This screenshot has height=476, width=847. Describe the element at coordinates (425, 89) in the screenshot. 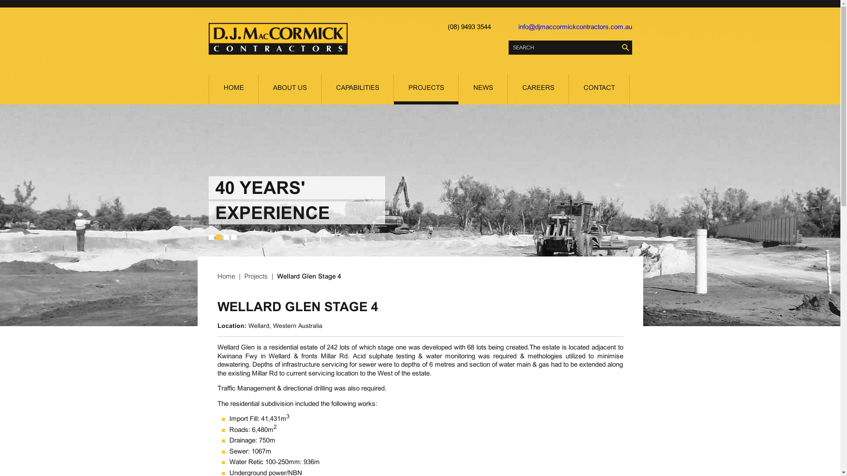

I see `'PROJECTS'` at that location.